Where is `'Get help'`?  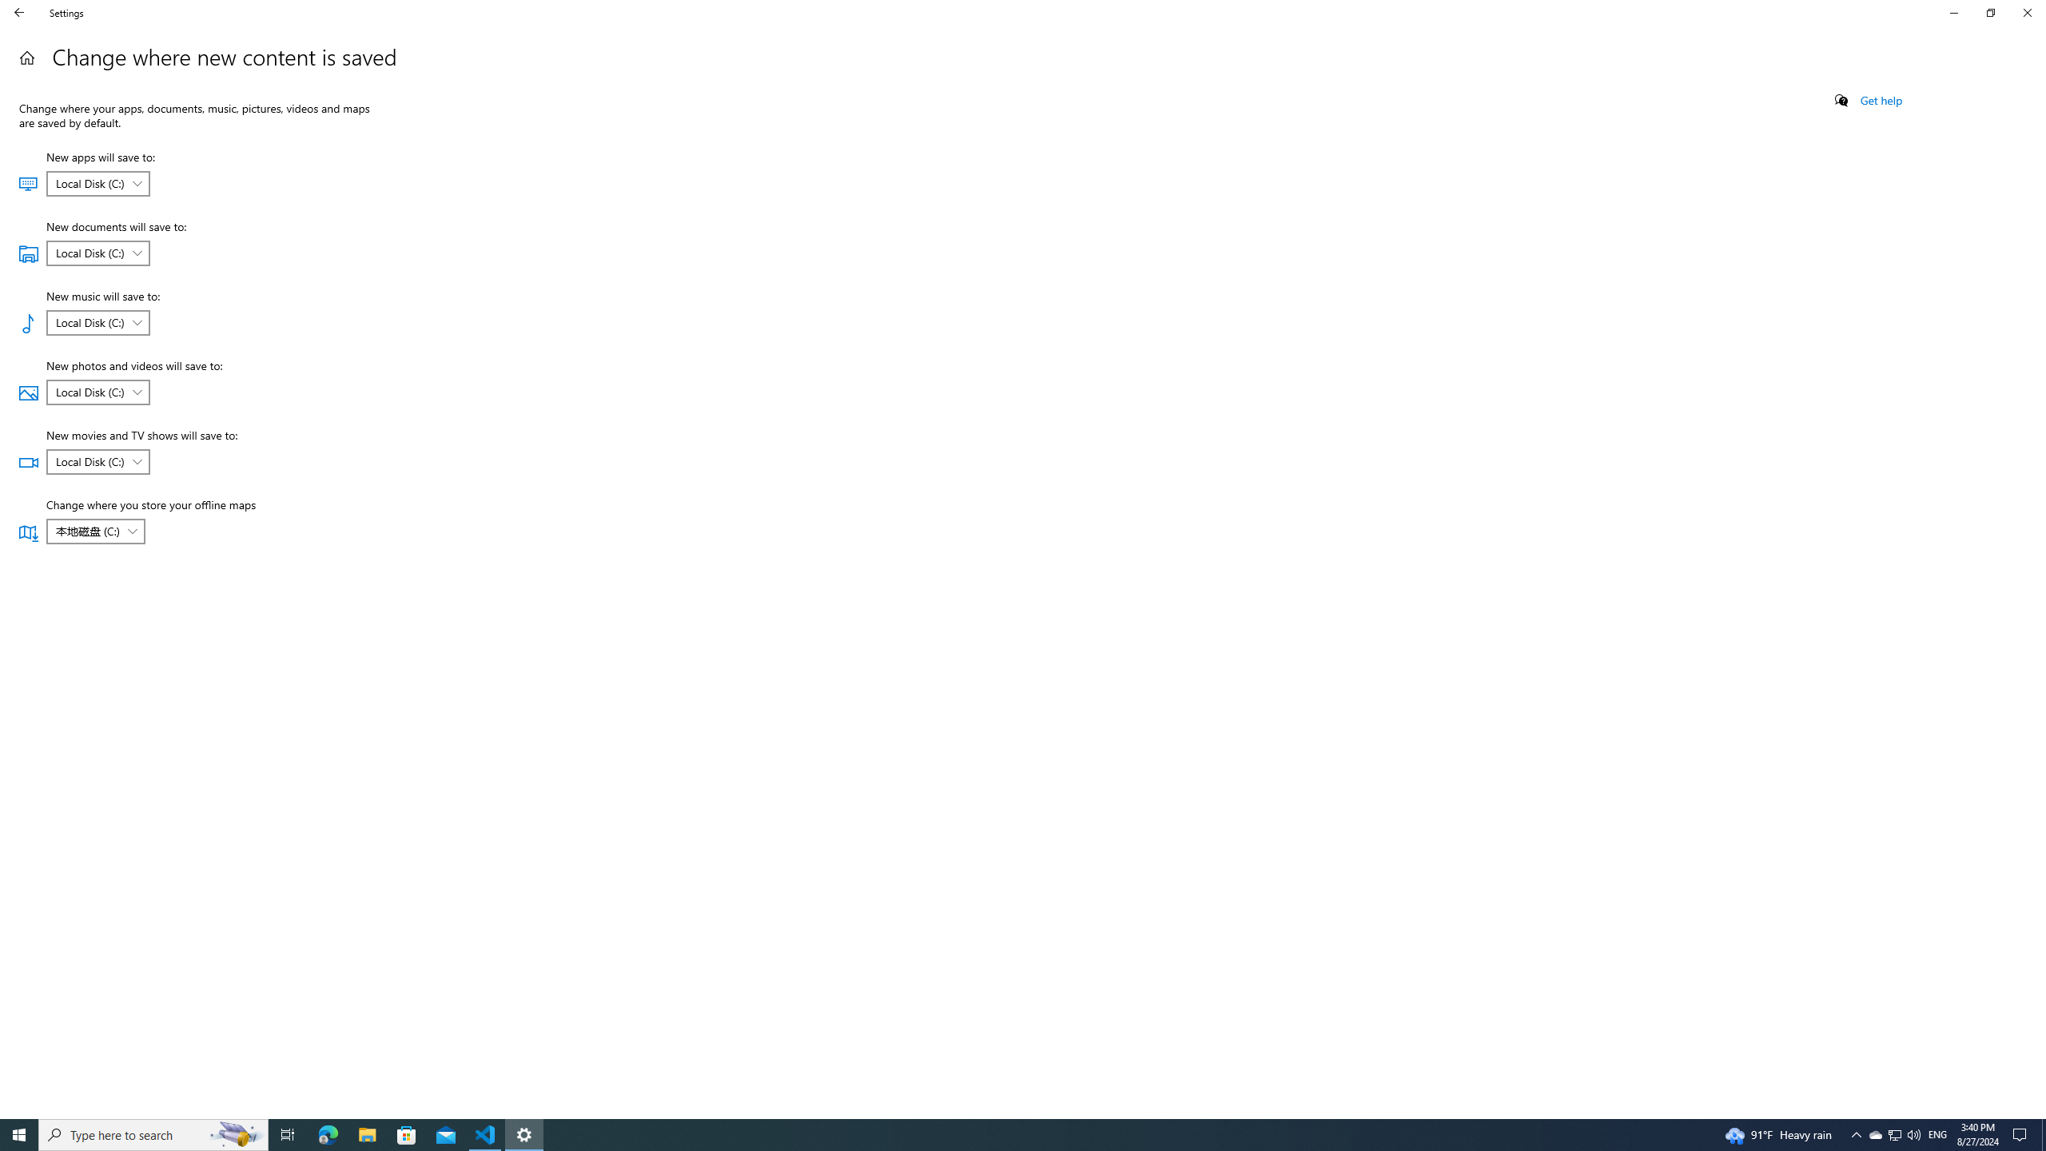 'Get help' is located at coordinates (1880, 100).